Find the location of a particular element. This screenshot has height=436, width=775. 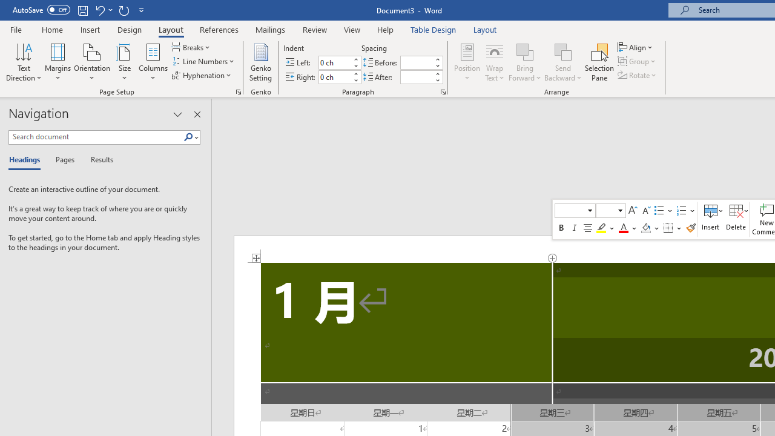

'Bring Forward' is located at coordinates (525, 62).